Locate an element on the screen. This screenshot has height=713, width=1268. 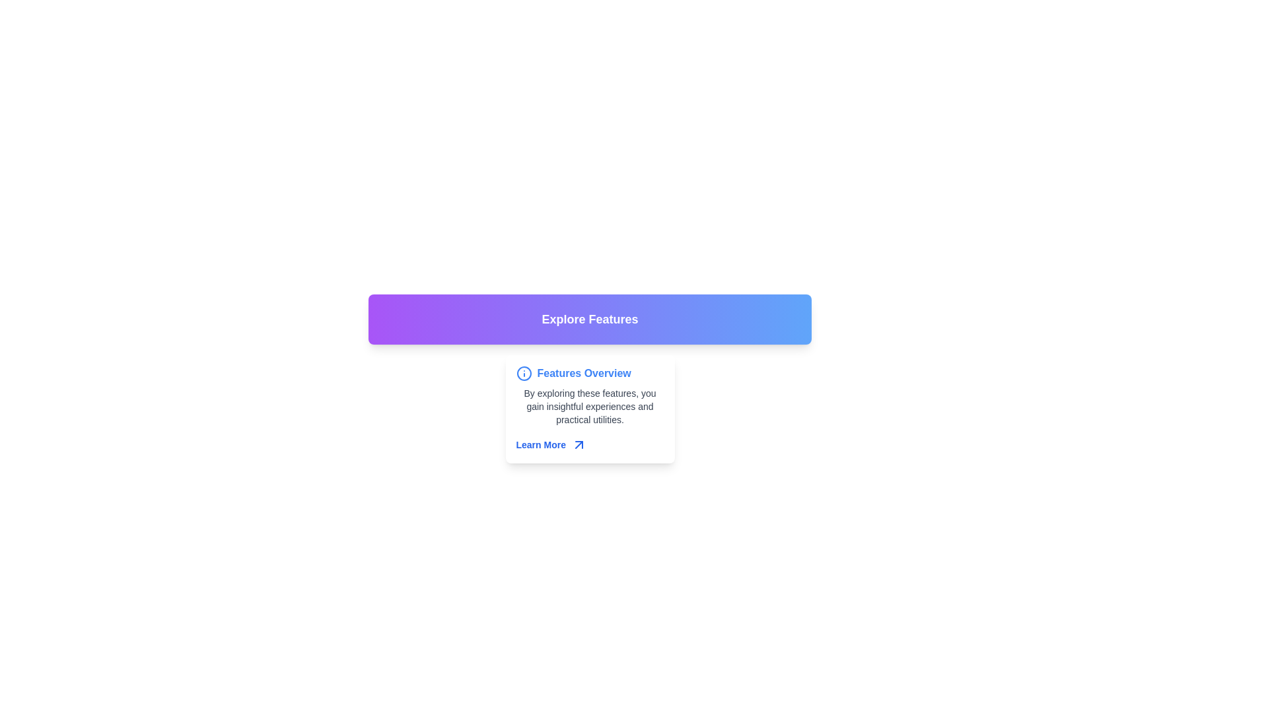
the 'Explore Features' button-like text element to observe the hover color effect changing it to gray is located at coordinates (589, 319).